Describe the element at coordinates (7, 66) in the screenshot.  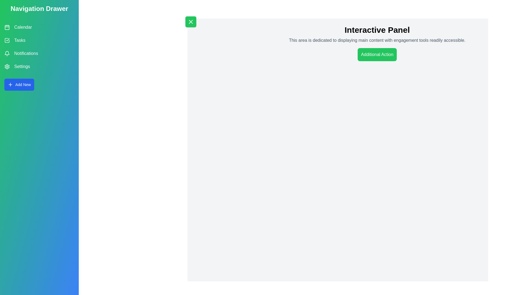
I see `the green gear-shaped icon in the navigation drawer, which is the fourth item below 'Calendar,' 'Tasks,' and 'Notifications,'` at that location.